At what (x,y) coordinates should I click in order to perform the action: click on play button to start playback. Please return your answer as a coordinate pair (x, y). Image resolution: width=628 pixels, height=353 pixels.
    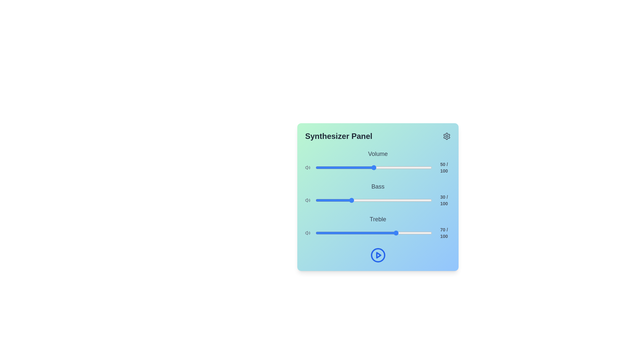
    Looking at the image, I should click on (378, 255).